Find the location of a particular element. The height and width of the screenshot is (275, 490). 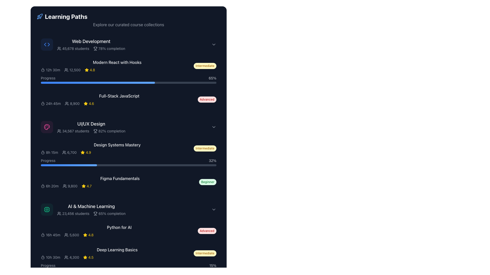

the numerical statistic text label displaying '9,800' in the 'Figma Fundamentals' section is located at coordinates (70, 186).